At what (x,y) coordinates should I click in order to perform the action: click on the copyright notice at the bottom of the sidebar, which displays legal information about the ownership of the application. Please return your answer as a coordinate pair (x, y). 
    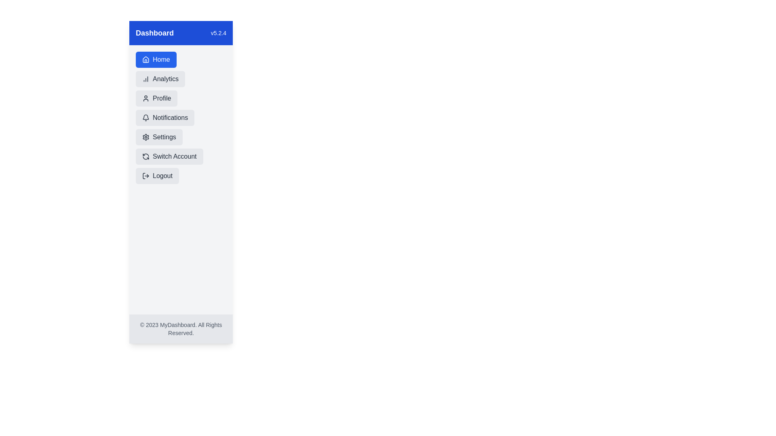
    Looking at the image, I should click on (180, 329).